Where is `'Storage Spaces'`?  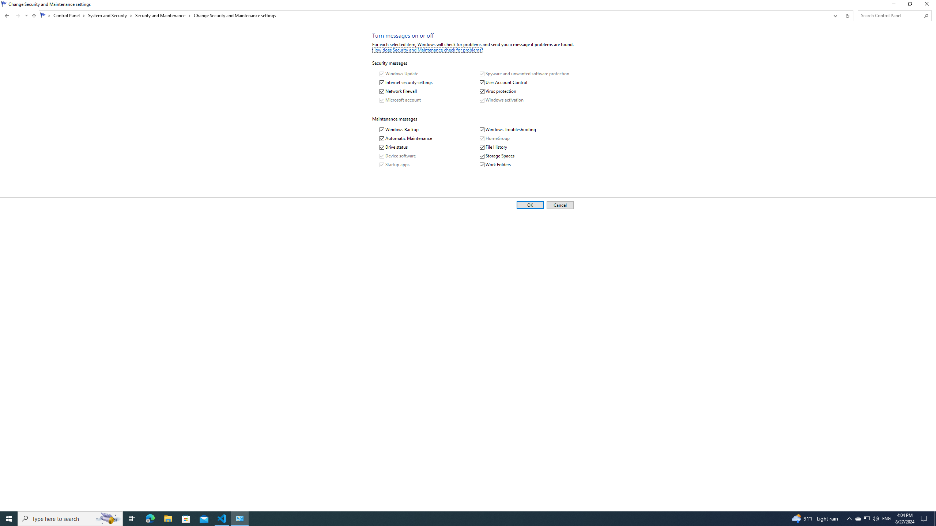
'Storage Spaces' is located at coordinates (497, 156).